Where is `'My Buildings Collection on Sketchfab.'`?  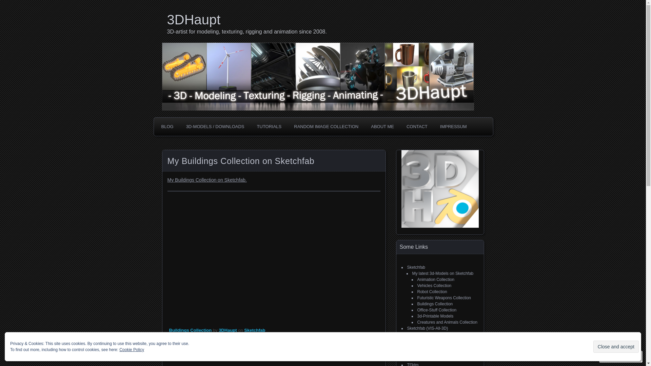
'My Buildings Collection on Sketchfab.' is located at coordinates (206, 180).